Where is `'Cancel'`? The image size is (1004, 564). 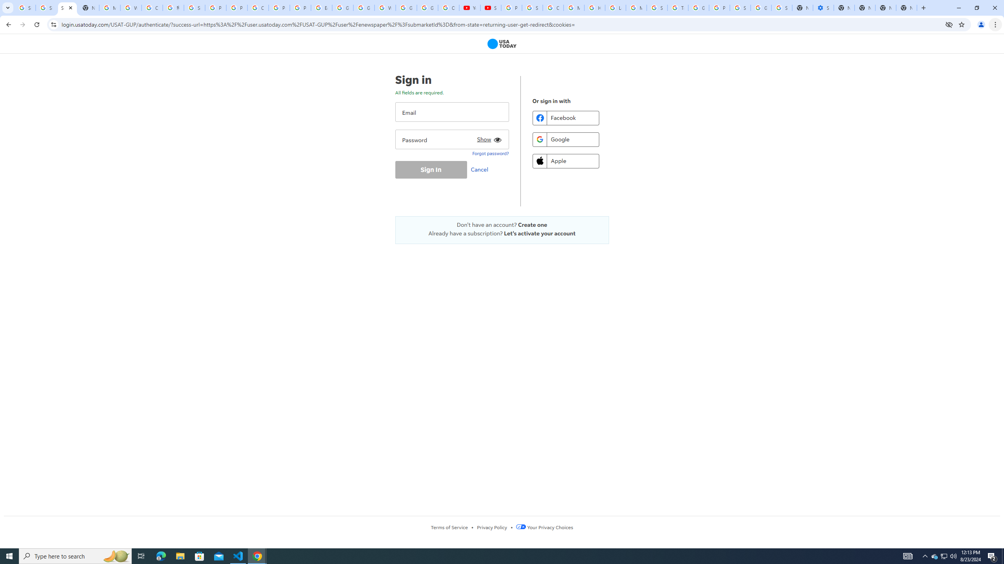
'Cancel' is located at coordinates (481, 169).